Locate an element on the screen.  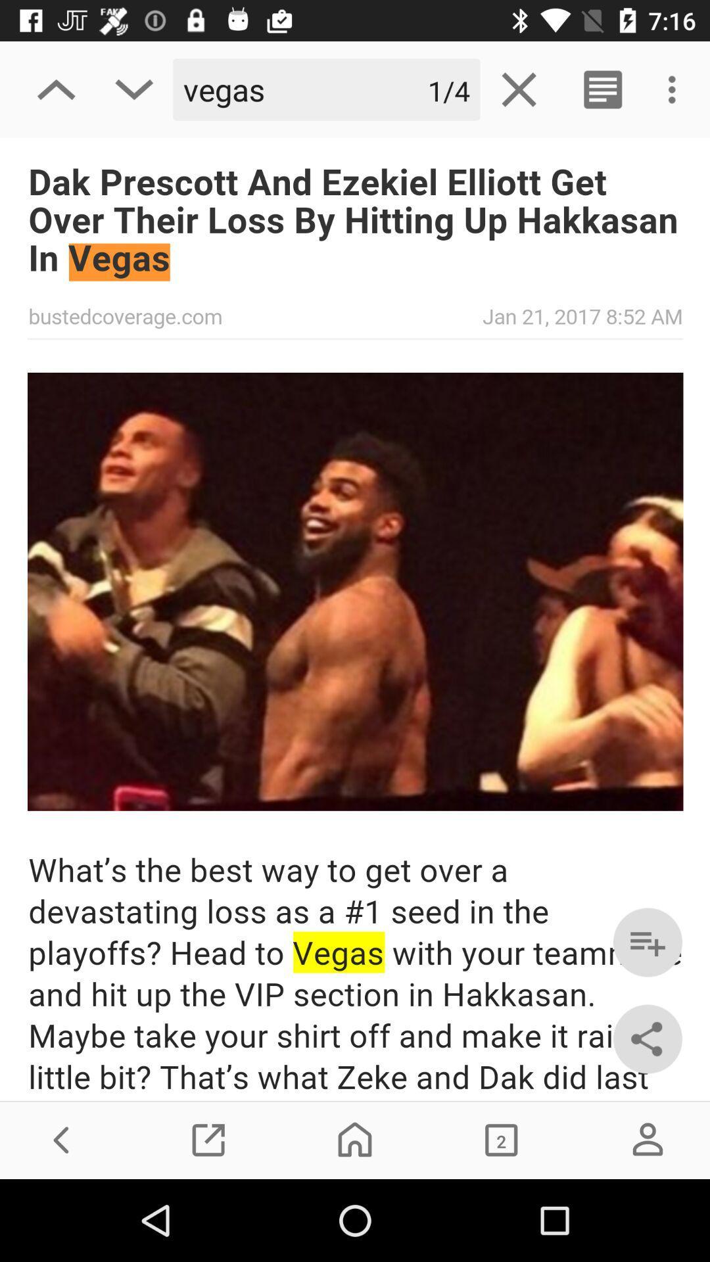
the share icon is located at coordinates (647, 1038).